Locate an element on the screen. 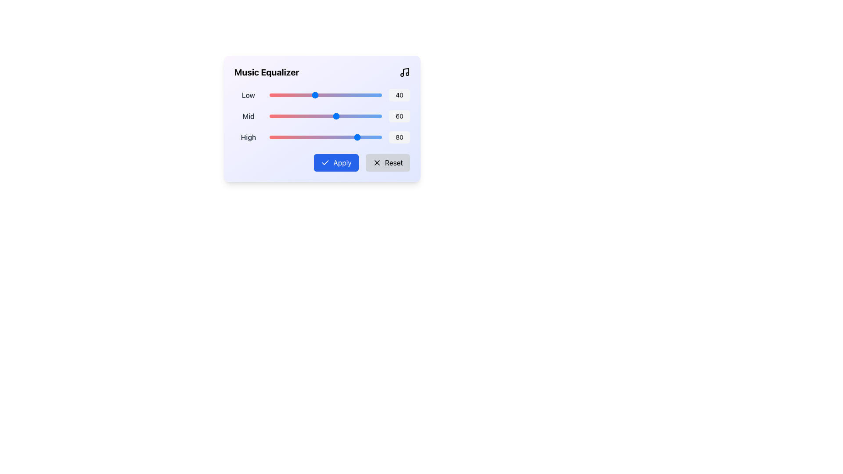  the 'X' shaped icon which consists of two crossing diagonal lines, located in the top-right corner of the card within an SVG graphic is located at coordinates (377, 162).